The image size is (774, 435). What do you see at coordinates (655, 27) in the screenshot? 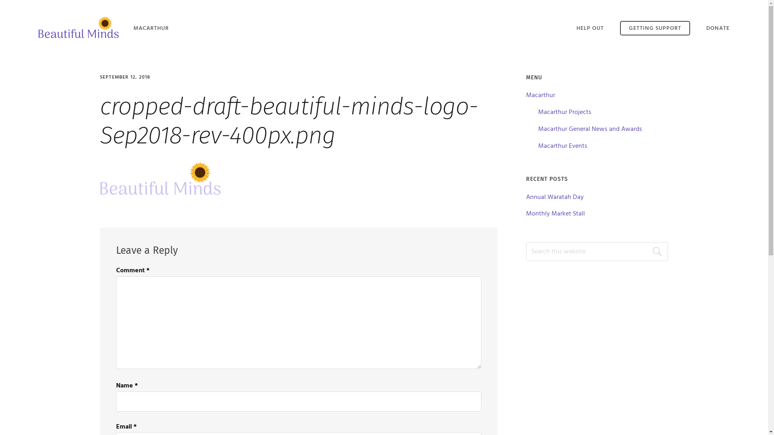
I see `'GETTING SUPPORT'` at bounding box center [655, 27].